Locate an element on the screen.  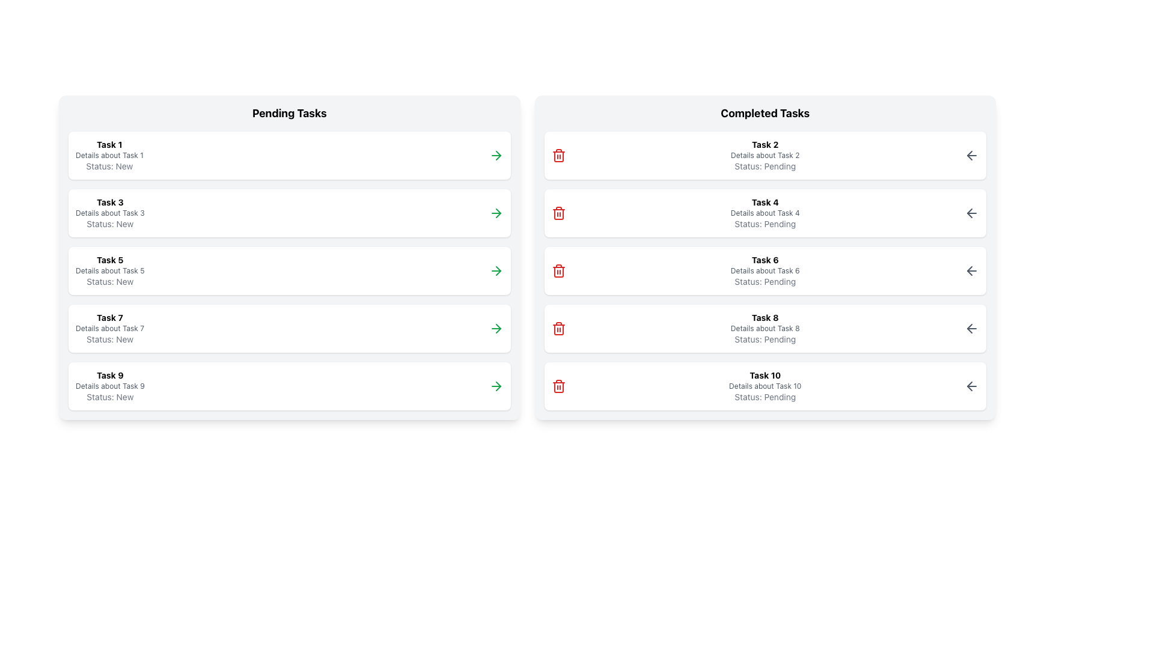
the fifth task item in the 'Pending Tasks' list that displays information about 'Task 9' is located at coordinates (110, 386).